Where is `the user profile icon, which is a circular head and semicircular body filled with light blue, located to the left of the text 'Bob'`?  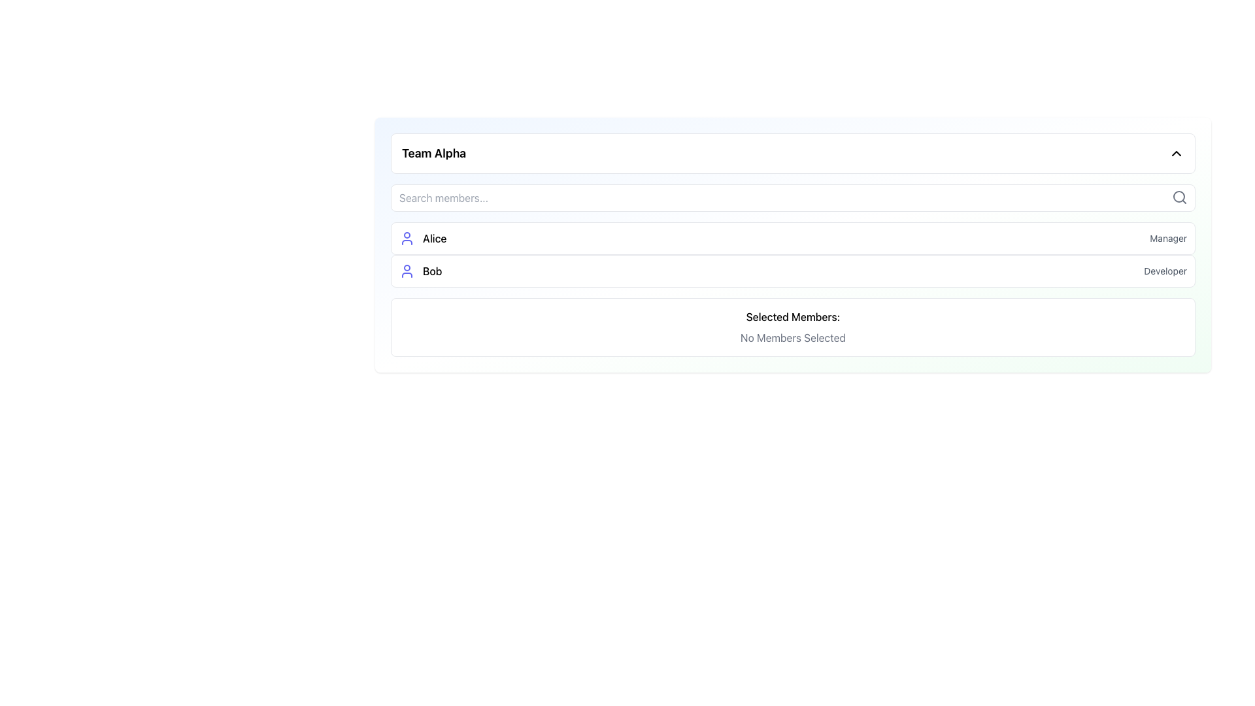
the user profile icon, which is a circular head and semicircular body filled with light blue, located to the left of the text 'Bob' is located at coordinates (407, 271).